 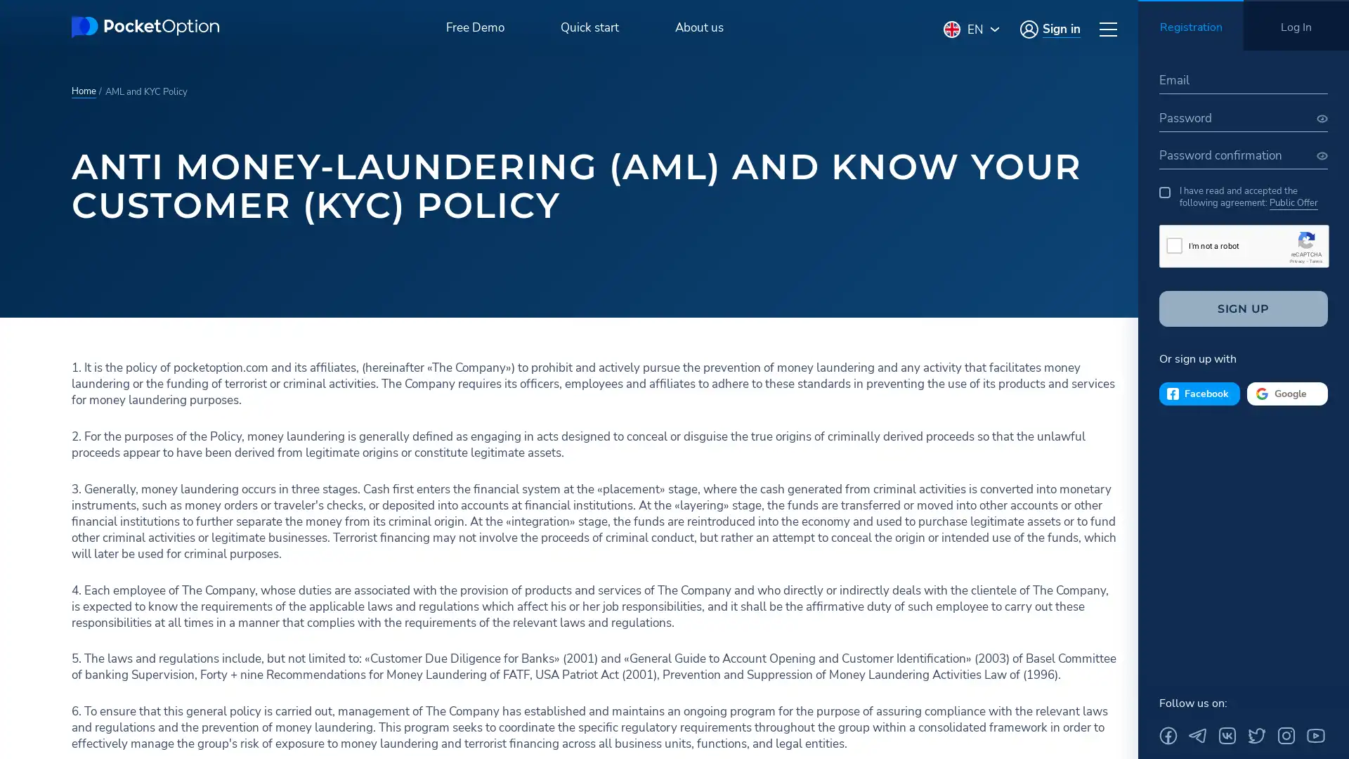 I want to click on SIGN UP, so click(x=1244, y=308).